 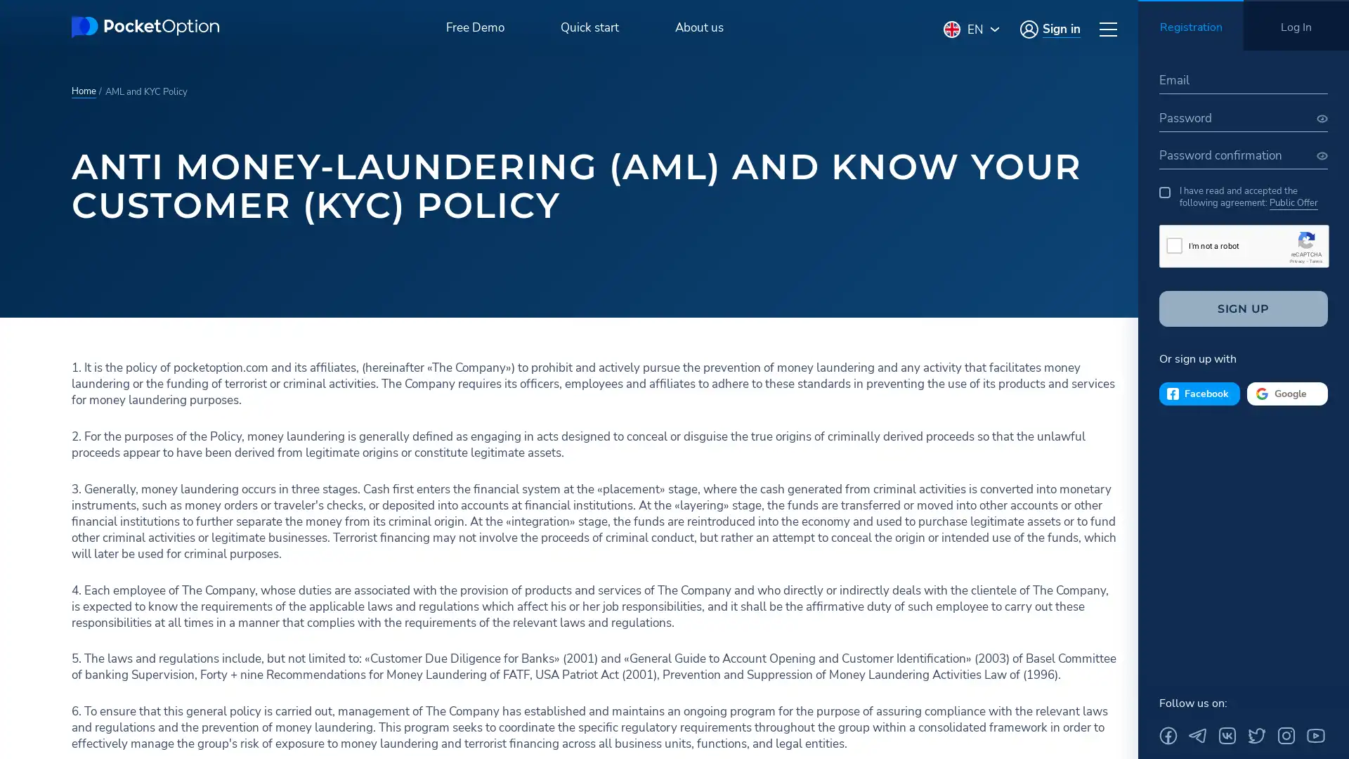 I want to click on SIGN UP, so click(x=1244, y=308).